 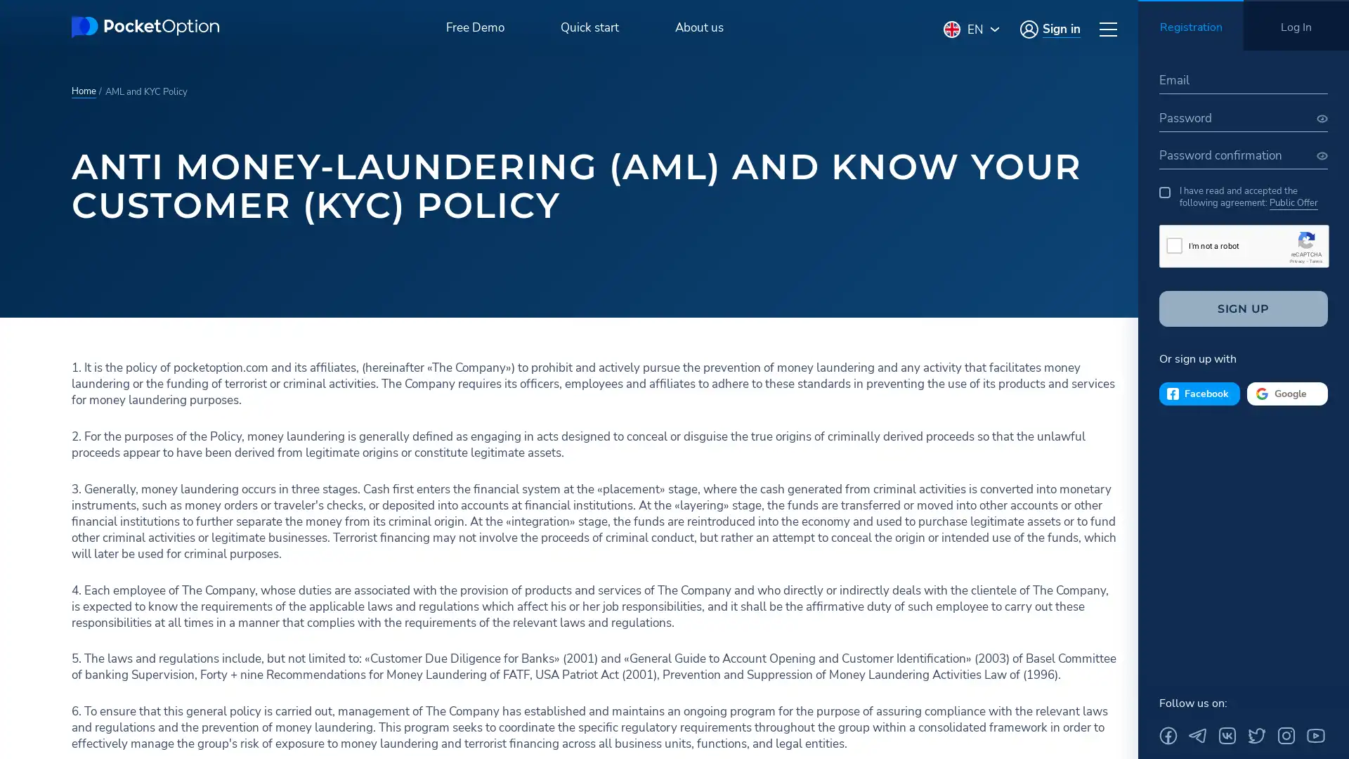 I want to click on SIGN UP, so click(x=1244, y=308).